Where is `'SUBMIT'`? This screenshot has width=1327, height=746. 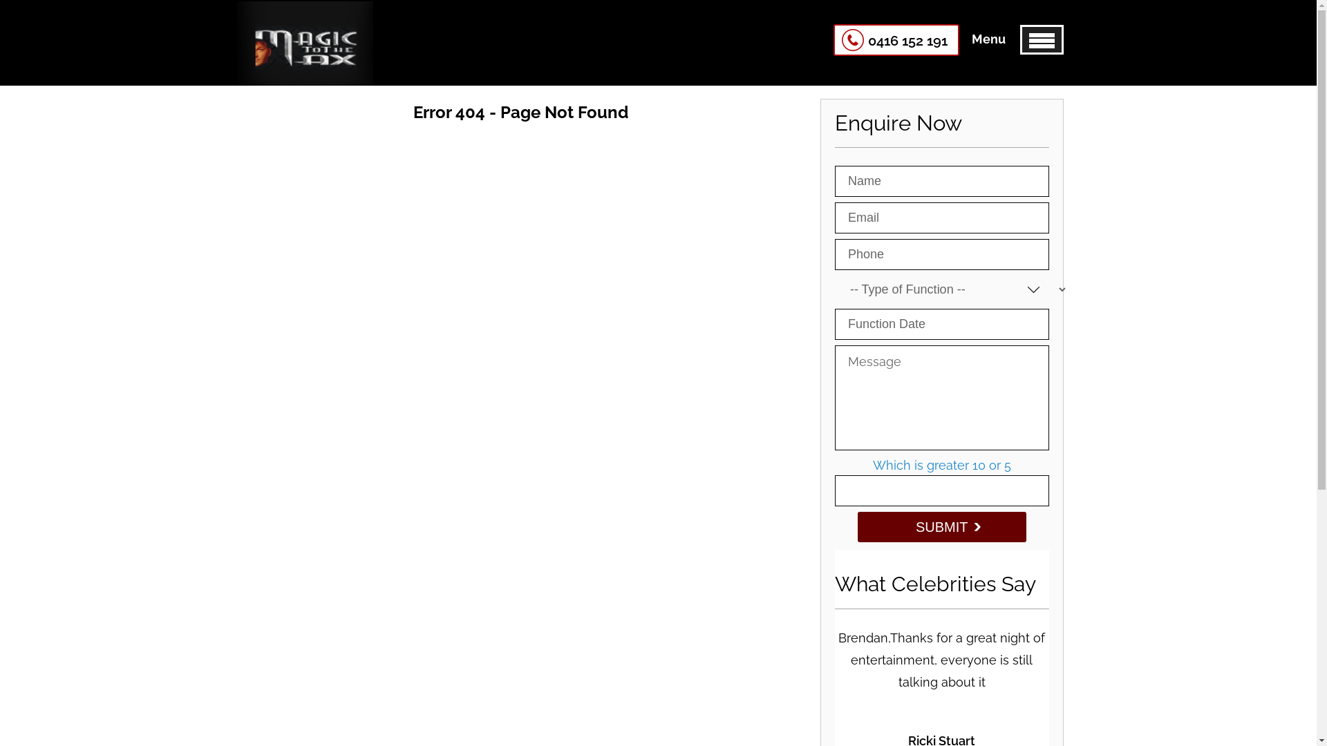 'SUBMIT' is located at coordinates (941, 527).